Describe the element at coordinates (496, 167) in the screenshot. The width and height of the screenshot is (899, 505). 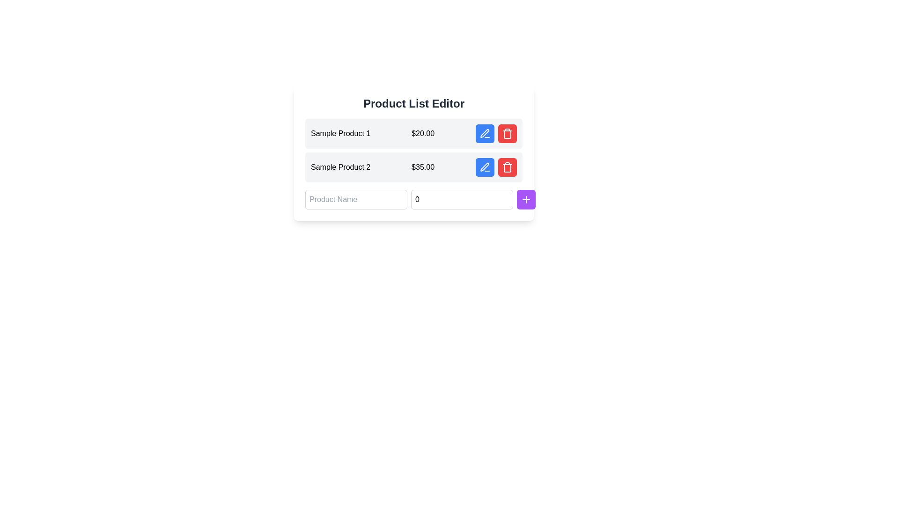
I see `the edit button (blue with a pencil icon) located to the right of 'Sample Product 2' and '$35.00' to initiate editing the product` at that location.